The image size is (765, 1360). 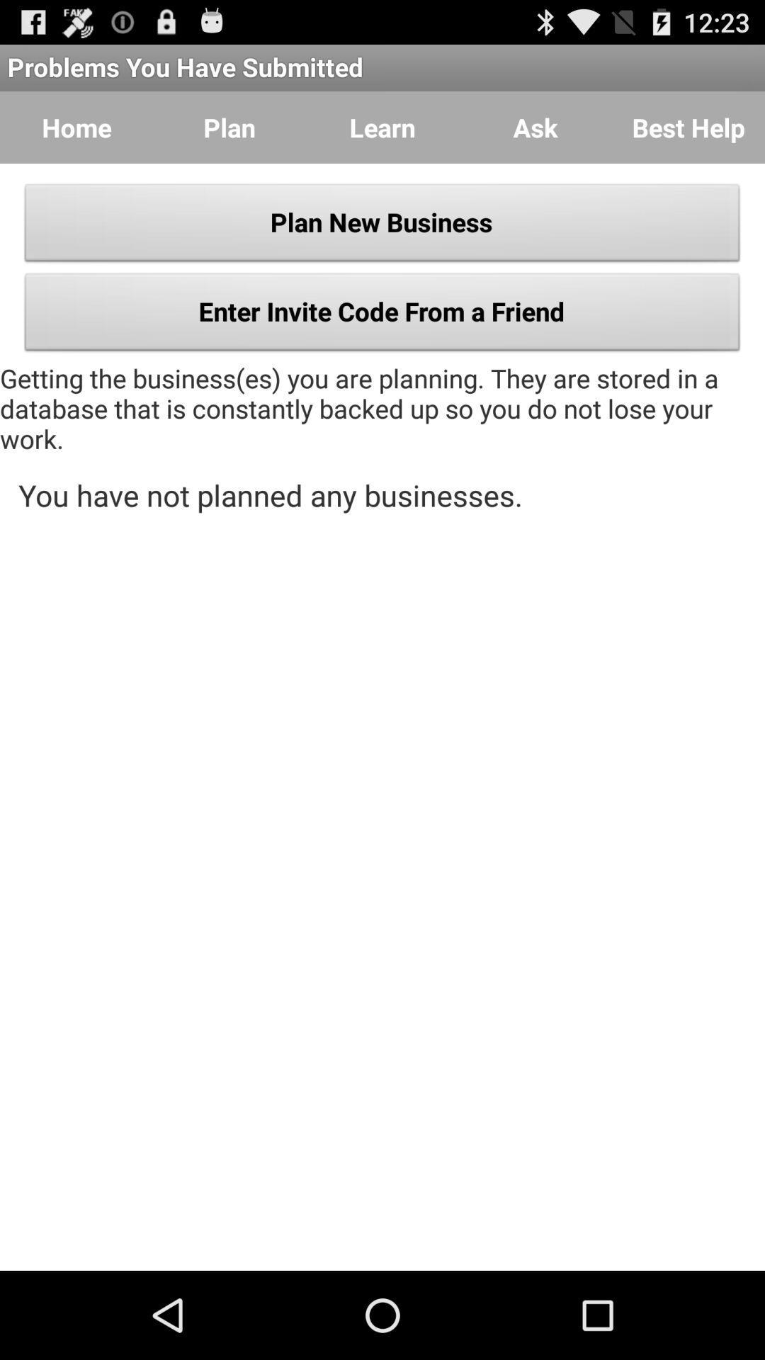 What do you see at coordinates (535, 127) in the screenshot?
I see `the icon next to best help item` at bounding box center [535, 127].